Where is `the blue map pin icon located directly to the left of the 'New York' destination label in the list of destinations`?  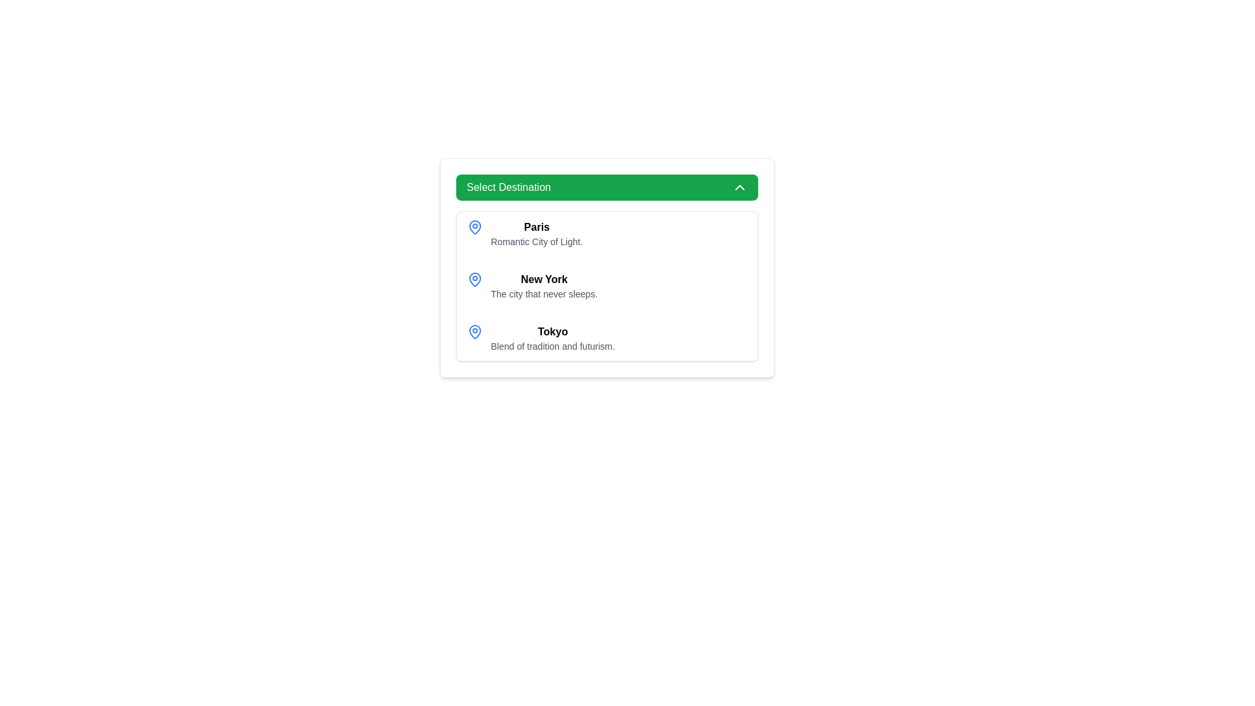 the blue map pin icon located directly to the left of the 'New York' destination label in the list of destinations is located at coordinates (474, 278).